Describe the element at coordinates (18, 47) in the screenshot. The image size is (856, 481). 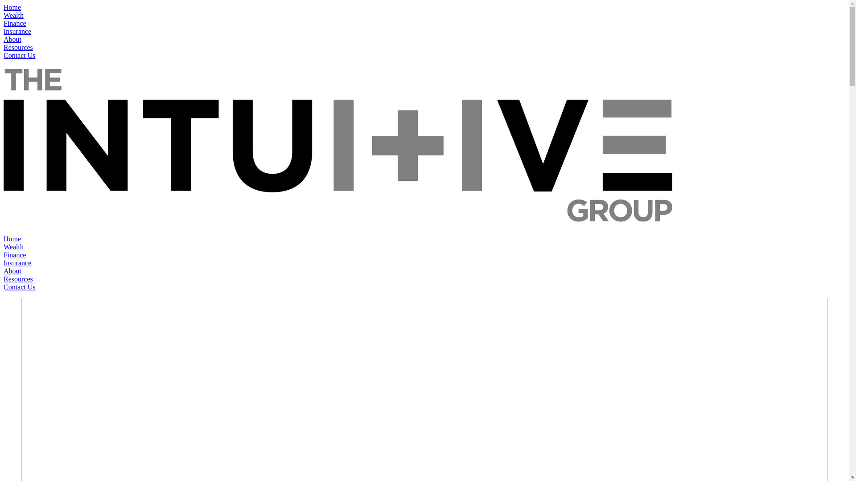
I see `'Resources'` at that location.